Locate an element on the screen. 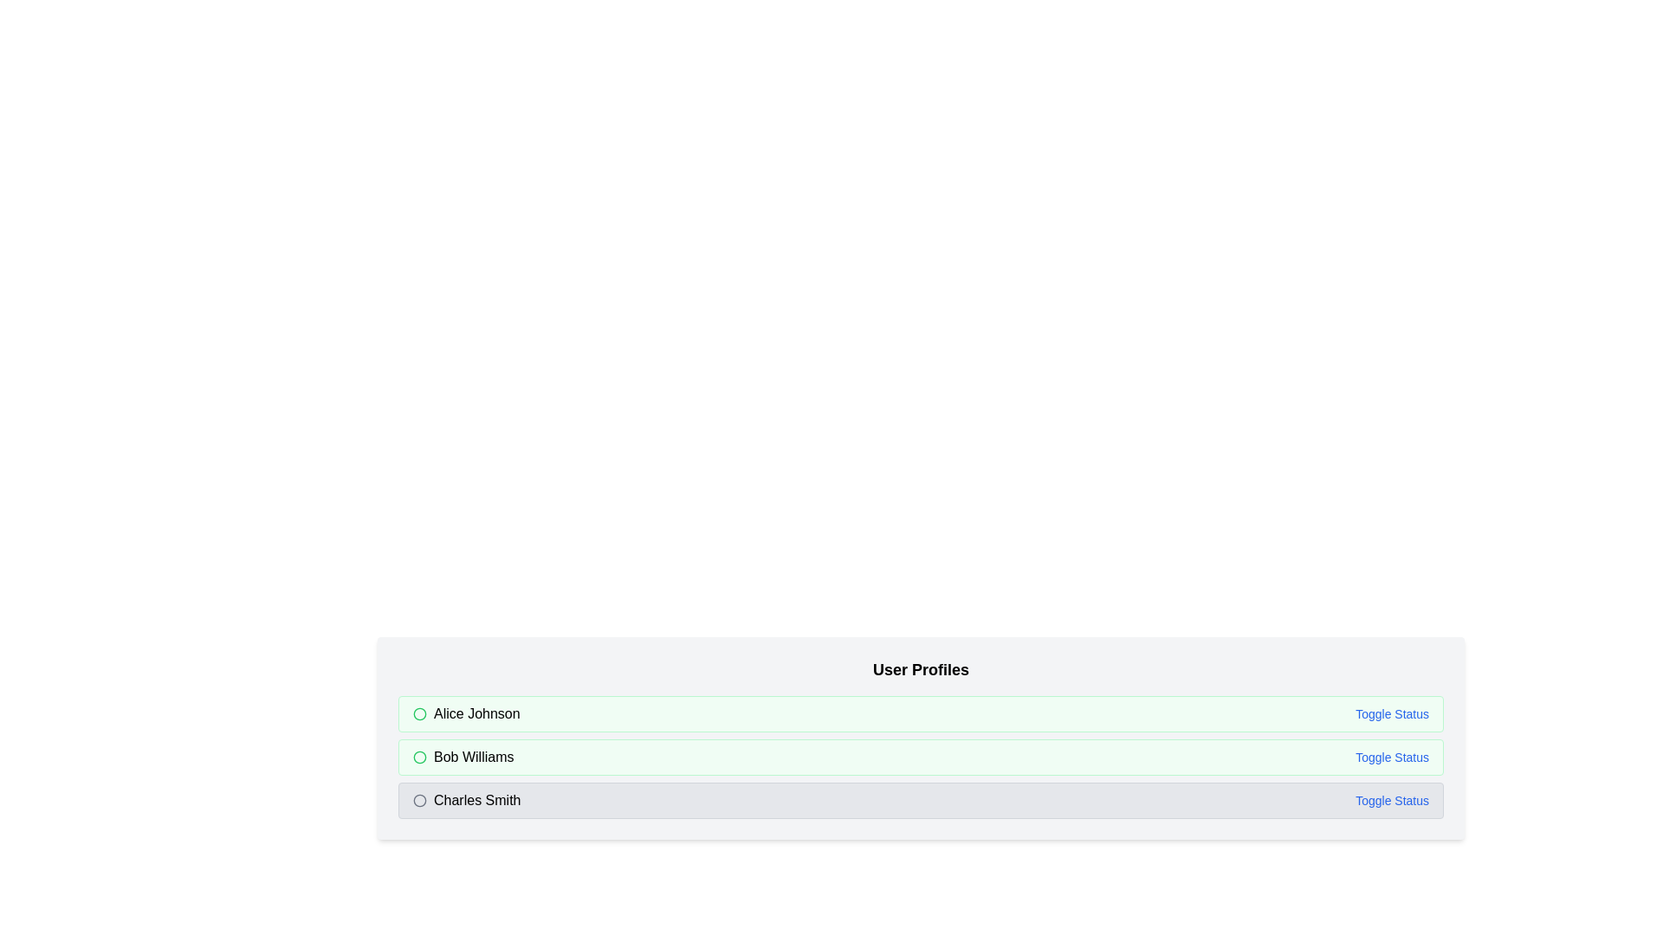 This screenshot has height=935, width=1663. the 'Toggle Status' hyperlink in the list item for user 'Charles Smith' is located at coordinates (920, 801).